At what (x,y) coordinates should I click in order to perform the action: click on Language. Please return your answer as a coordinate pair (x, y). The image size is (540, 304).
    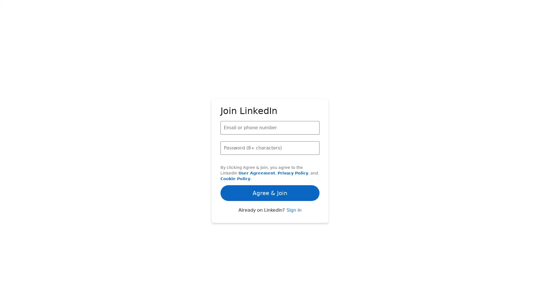
    Looking at the image, I should click on (174, 298).